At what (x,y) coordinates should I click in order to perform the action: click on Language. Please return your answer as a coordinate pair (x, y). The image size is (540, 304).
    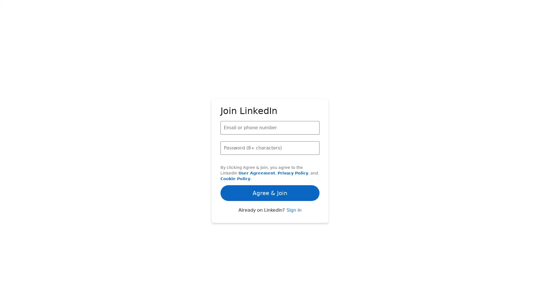
    Looking at the image, I should click on (174, 298).